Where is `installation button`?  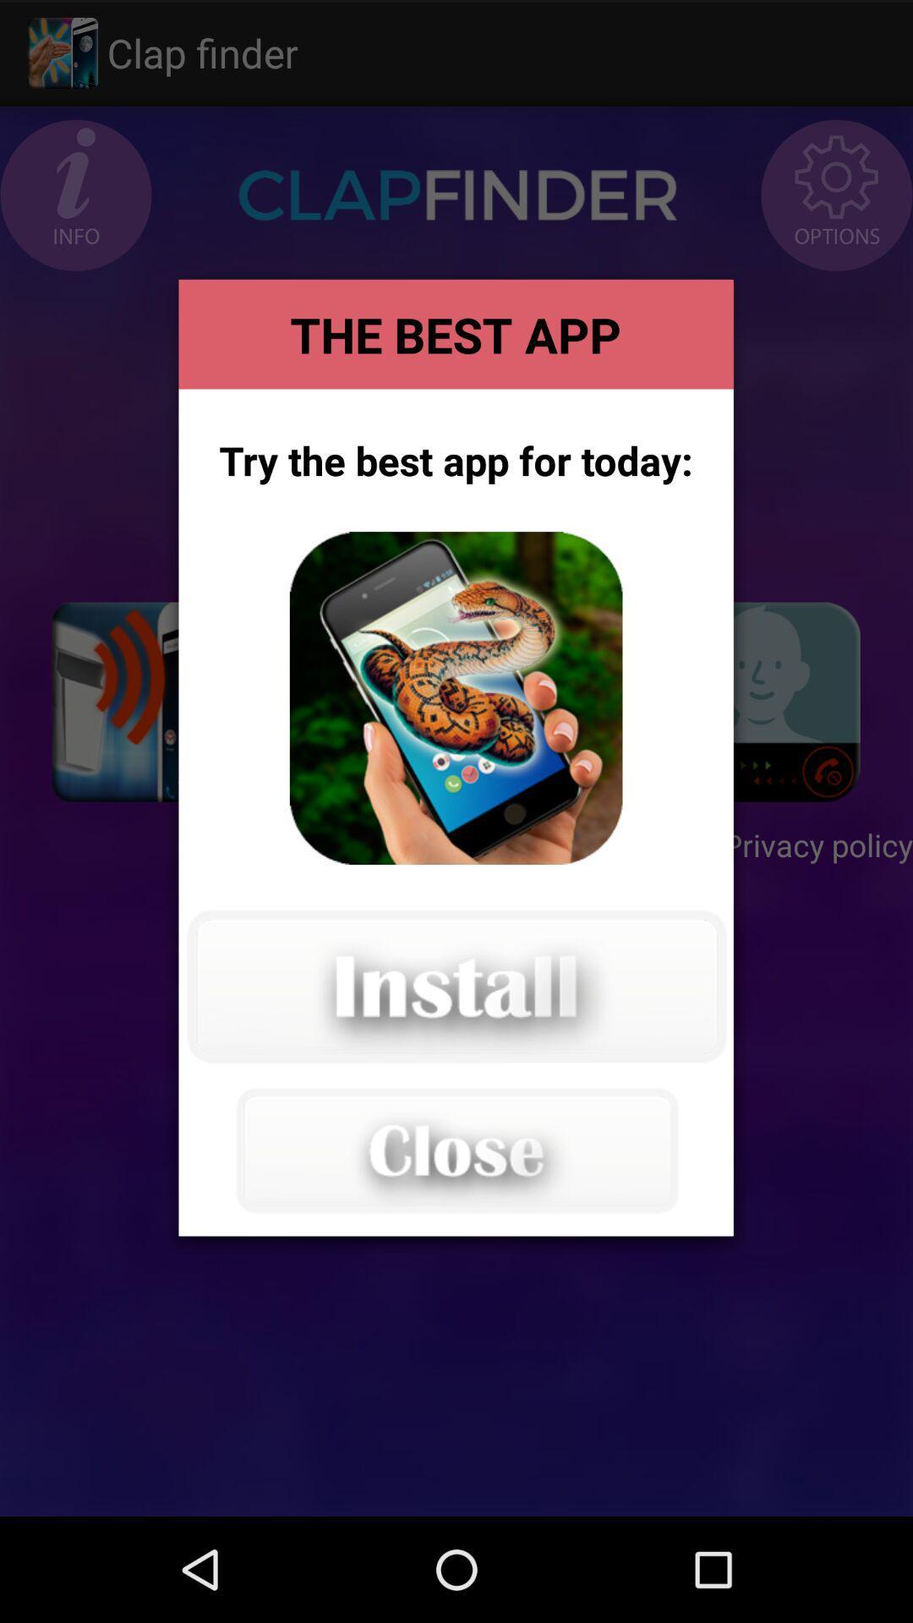
installation button is located at coordinates (455, 986).